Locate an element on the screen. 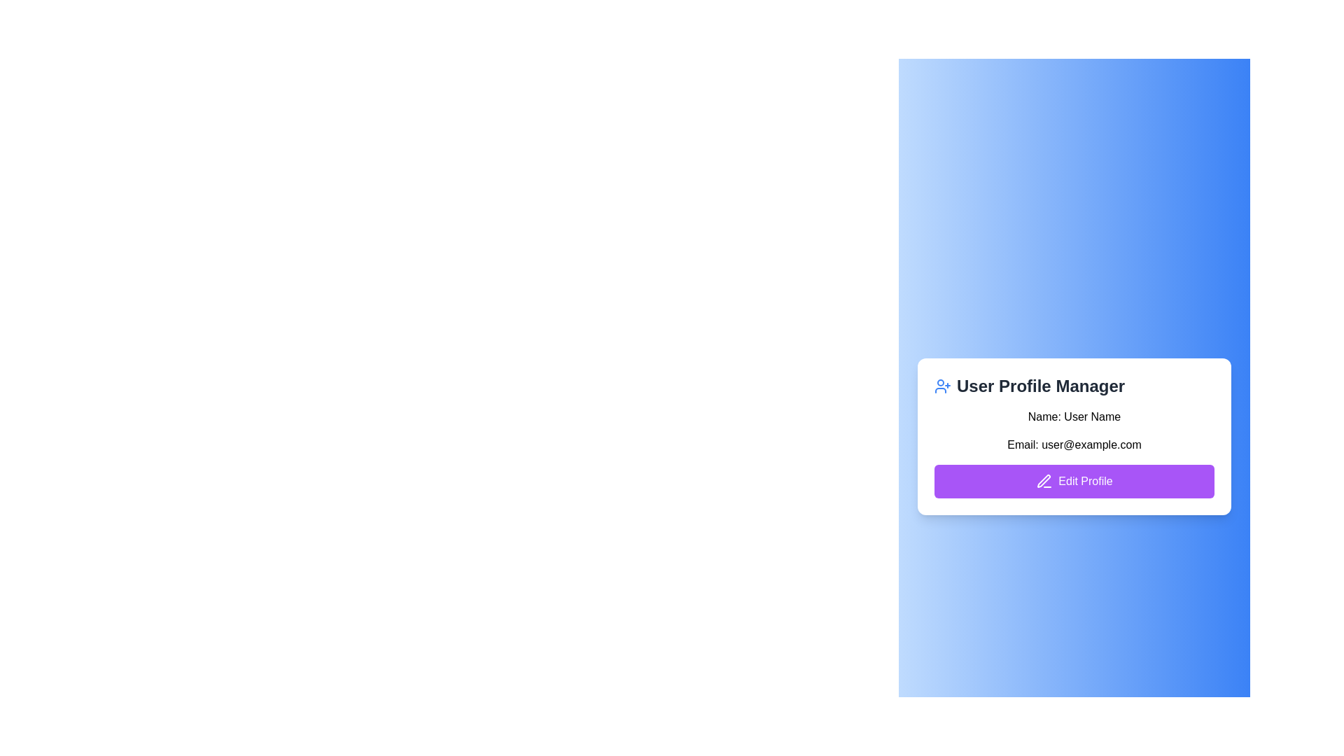 This screenshot has width=1344, height=756. the static text display element that shows the user's name and email address, located within the 'User Profile Manager' card, below the header and above the 'Edit Profile' button is located at coordinates (1074, 454).